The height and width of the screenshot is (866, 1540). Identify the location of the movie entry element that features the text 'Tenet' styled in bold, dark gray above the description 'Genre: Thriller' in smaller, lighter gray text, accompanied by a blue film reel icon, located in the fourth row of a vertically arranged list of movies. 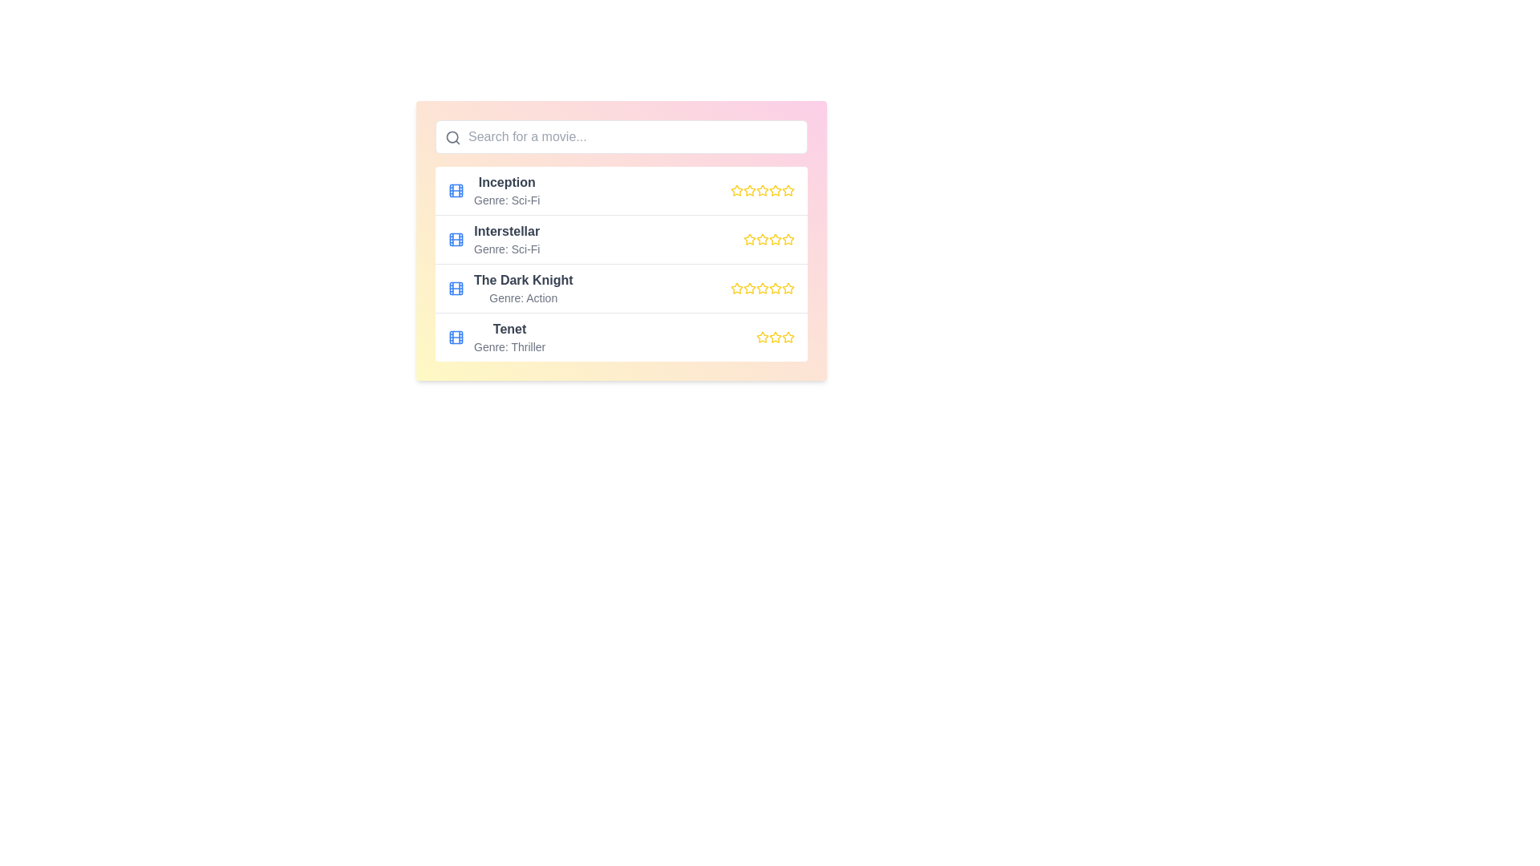
(496, 336).